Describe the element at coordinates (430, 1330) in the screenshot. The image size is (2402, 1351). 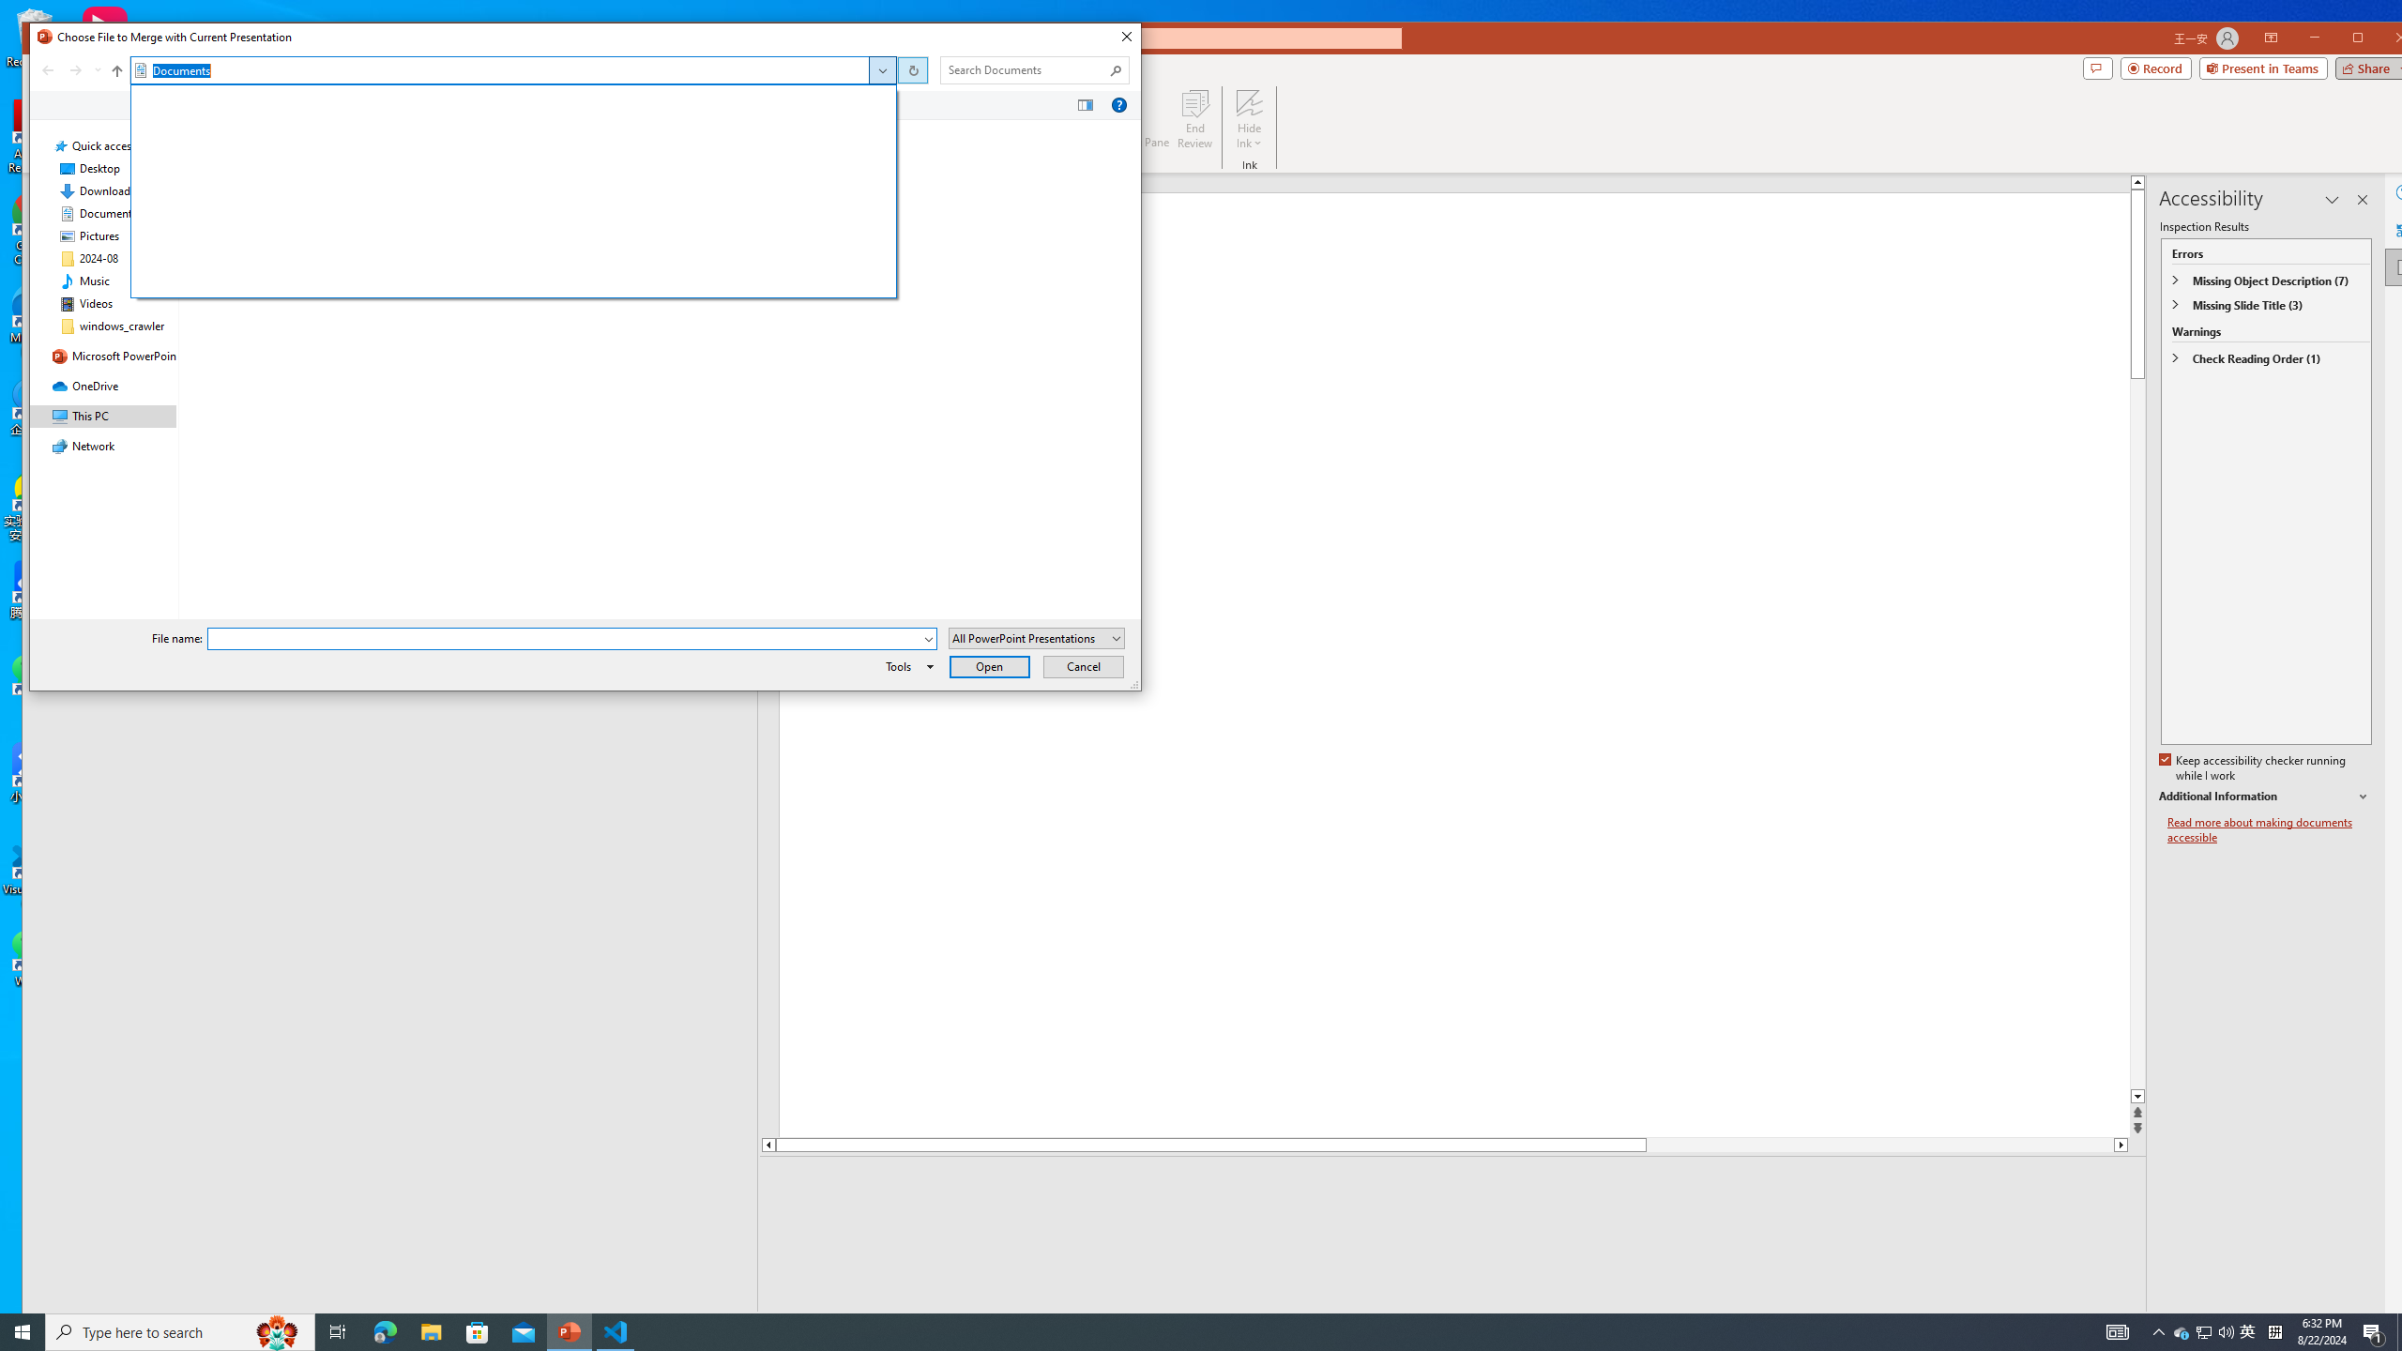
I see `'File Explorer'` at that location.